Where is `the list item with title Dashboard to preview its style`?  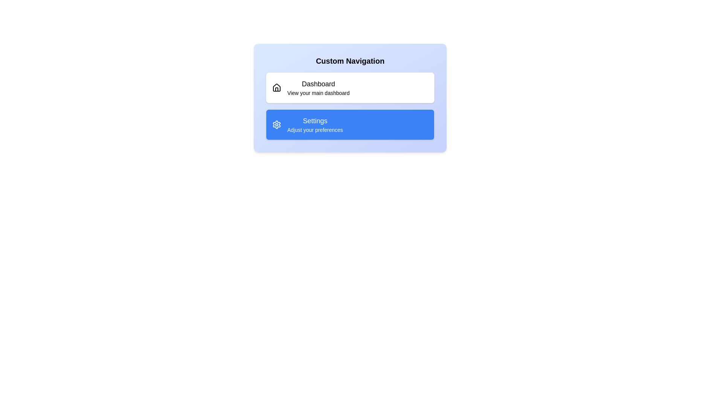 the list item with title Dashboard to preview its style is located at coordinates (350, 87).